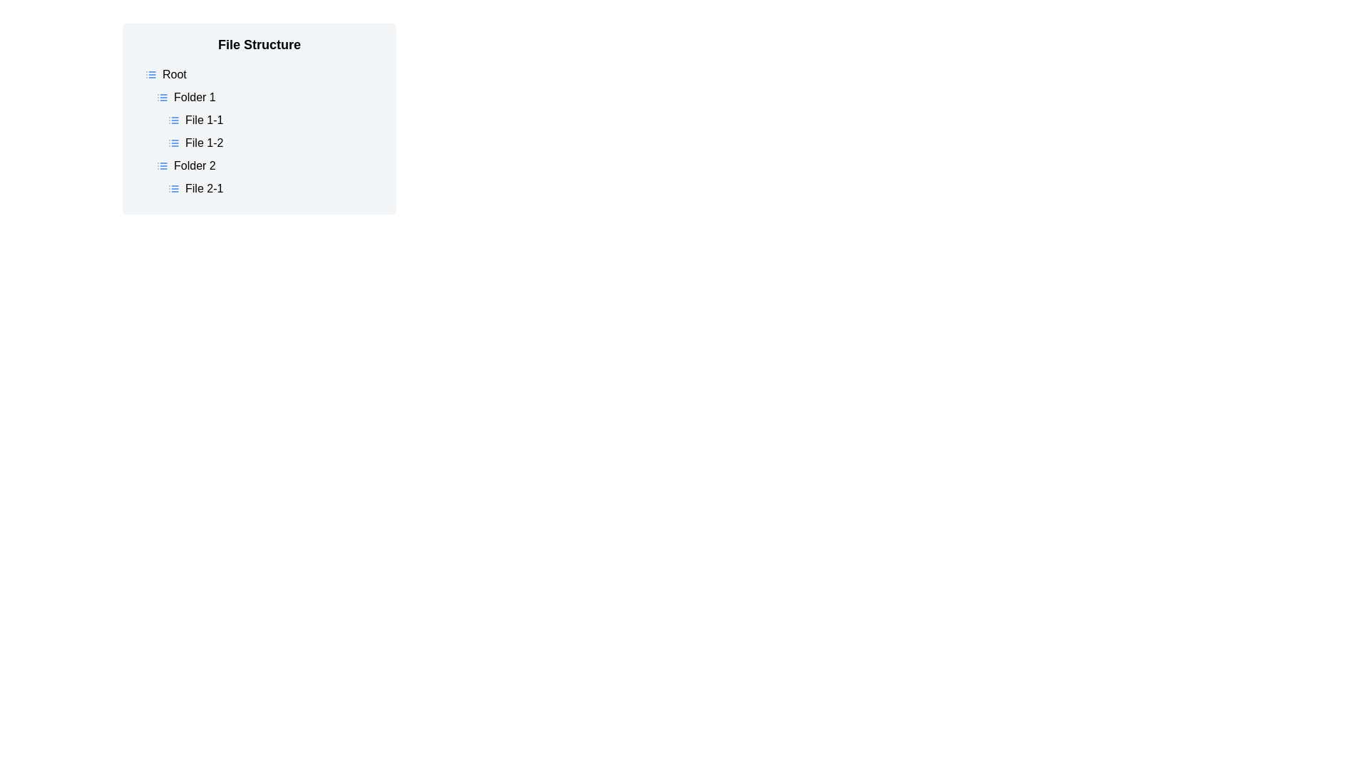  What do you see at coordinates (194, 165) in the screenshot?
I see `the text label displaying 'Folder 2', which is the third item under the 'Folder 1' node in the vertical list of the 'File Structure' section` at bounding box center [194, 165].